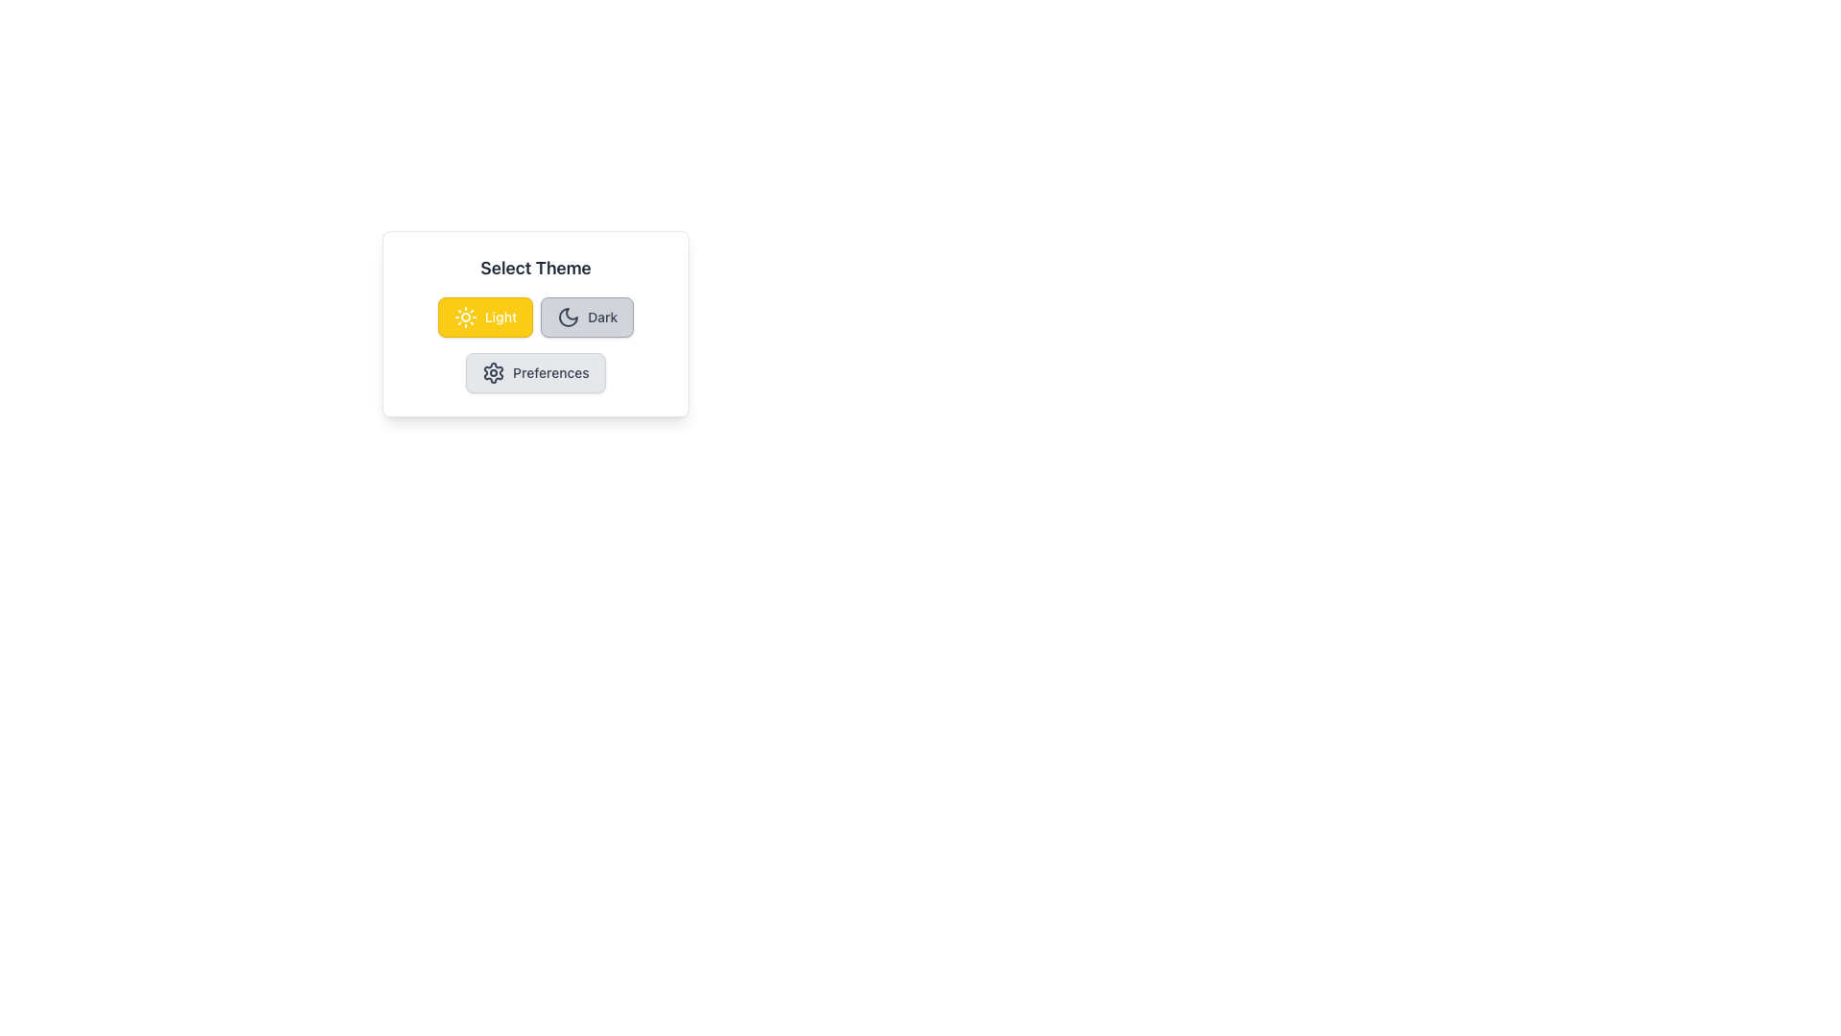  Describe the element at coordinates (494, 373) in the screenshot. I see `the gear icon within the 'Preferences' button, which is the third button in the vertical alignment of three interactive elements in the 'Select Theme' section, to invoke settings or preferences modification functionalities` at that location.